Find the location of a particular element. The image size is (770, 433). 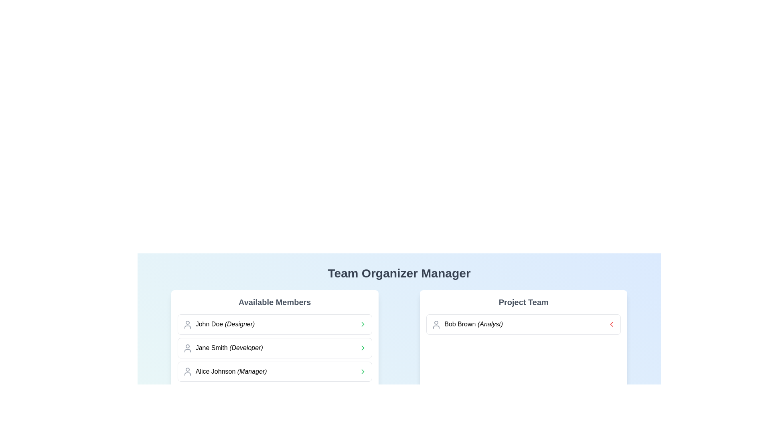

the third chevron icon in the 'Available Members' section next to 'Alice Johnson (Manager)' is located at coordinates (362, 324).